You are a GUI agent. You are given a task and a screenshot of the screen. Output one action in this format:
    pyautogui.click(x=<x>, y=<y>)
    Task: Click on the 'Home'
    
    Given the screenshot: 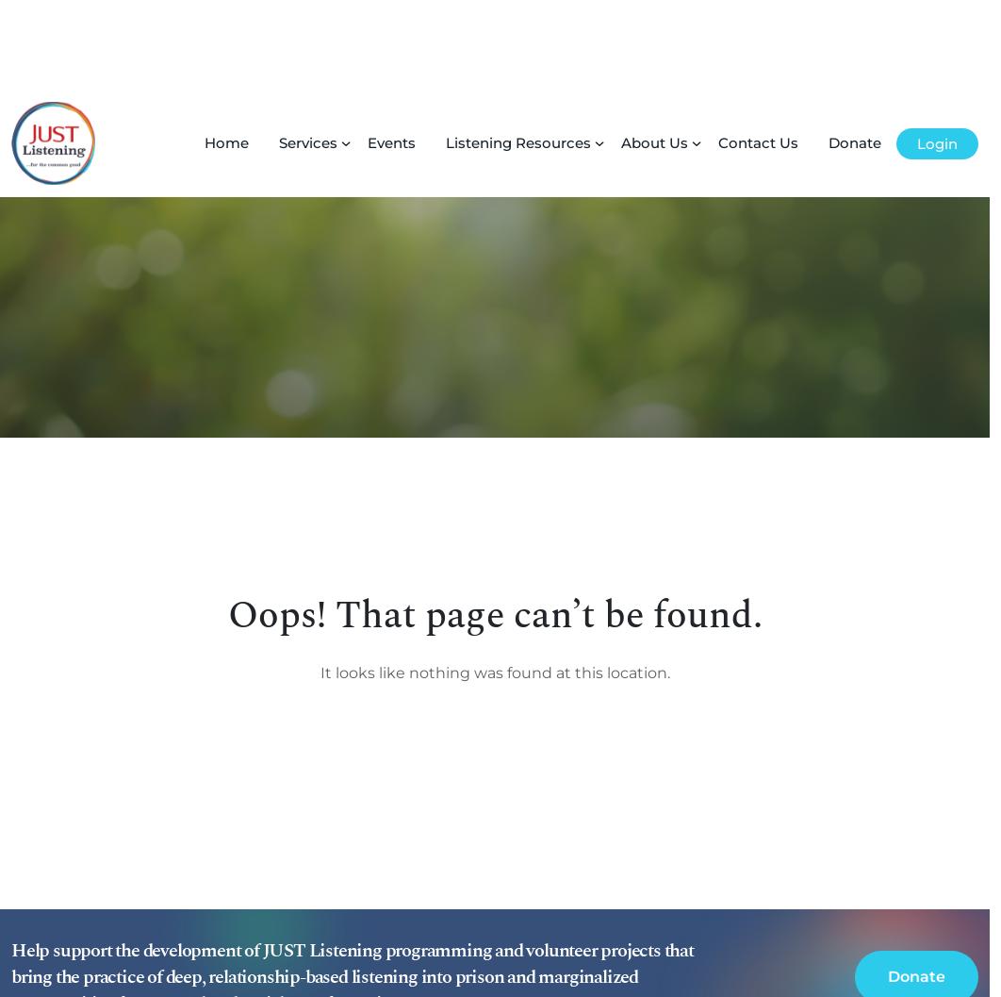 What is the action you would take?
    pyautogui.click(x=226, y=53)
    